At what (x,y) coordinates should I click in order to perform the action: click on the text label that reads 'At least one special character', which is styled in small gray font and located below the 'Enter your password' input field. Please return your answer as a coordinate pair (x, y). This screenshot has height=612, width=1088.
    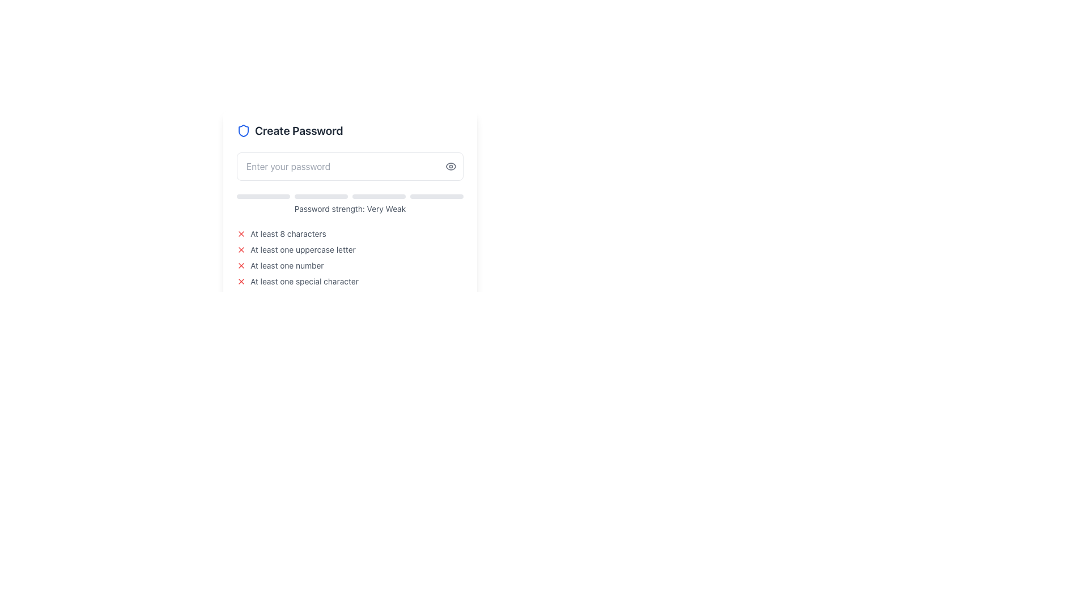
    Looking at the image, I should click on (304, 281).